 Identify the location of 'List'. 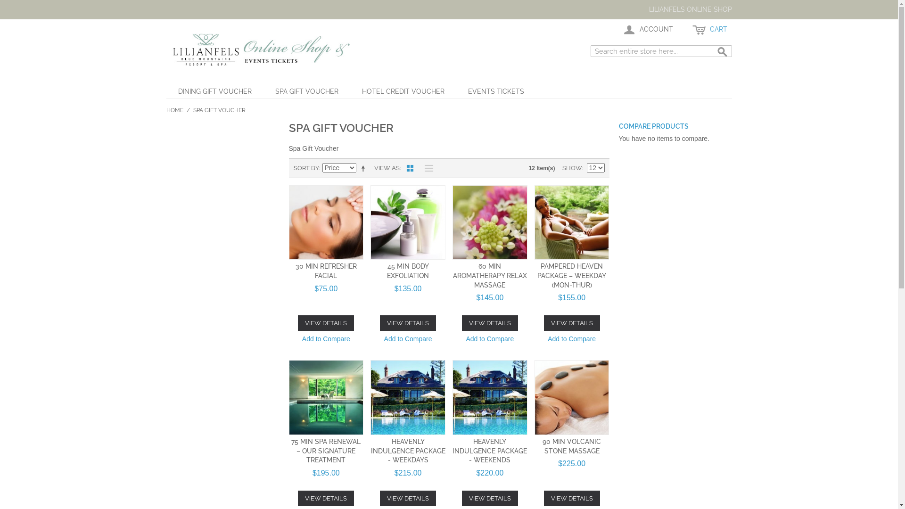
(426, 168).